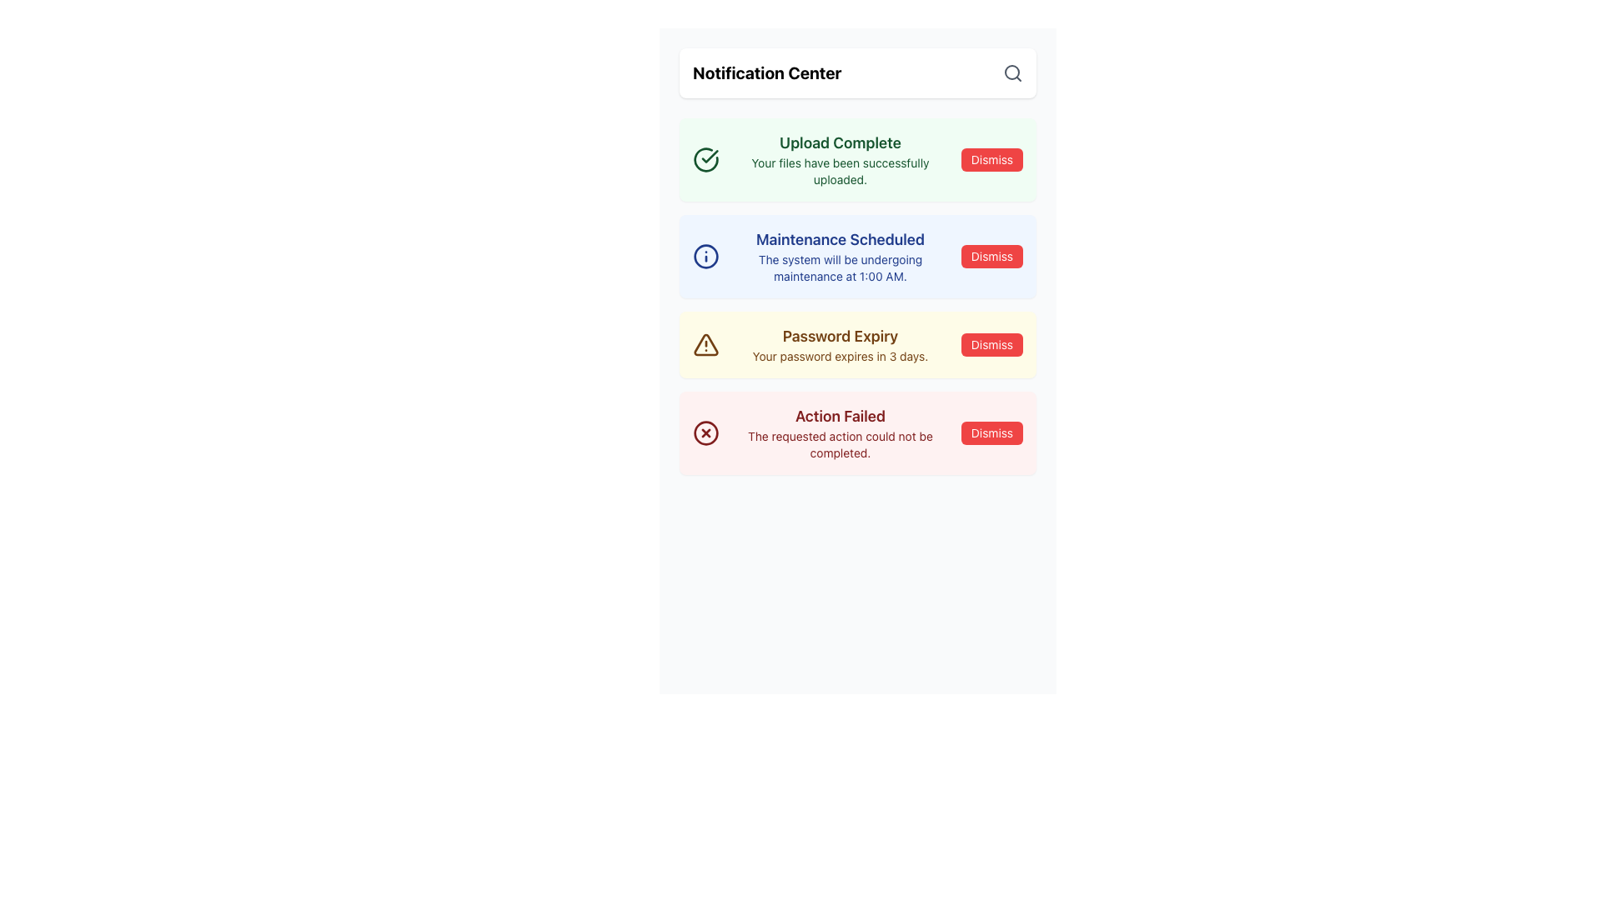 The width and height of the screenshot is (1601, 900). What do you see at coordinates (992, 257) in the screenshot?
I see `the 'Dismiss' button with a red background and white text located in the notification panel titled 'Maintenance Scheduled'` at bounding box center [992, 257].